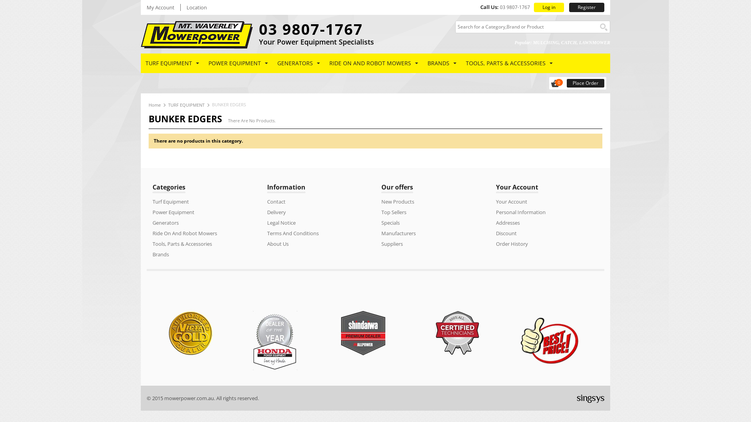 The height and width of the screenshot is (422, 751). Describe the element at coordinates (586, 83) in the screenshot. I see `'Place Order'` at that location.